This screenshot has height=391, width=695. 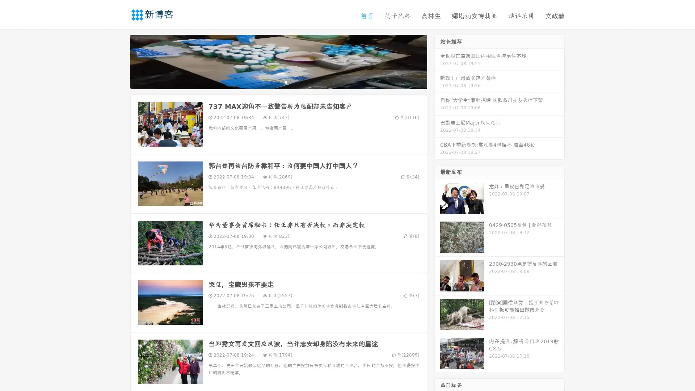 I want to click on Next slide, so click(x=437, y=61).